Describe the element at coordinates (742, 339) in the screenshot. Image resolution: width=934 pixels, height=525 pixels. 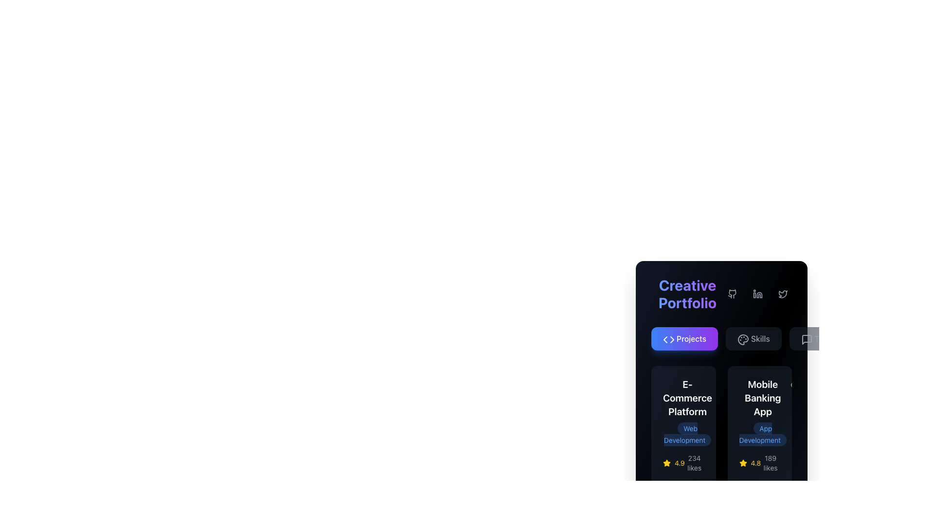
I see `the SVG graphic representing the 'Skills' section` at that location.